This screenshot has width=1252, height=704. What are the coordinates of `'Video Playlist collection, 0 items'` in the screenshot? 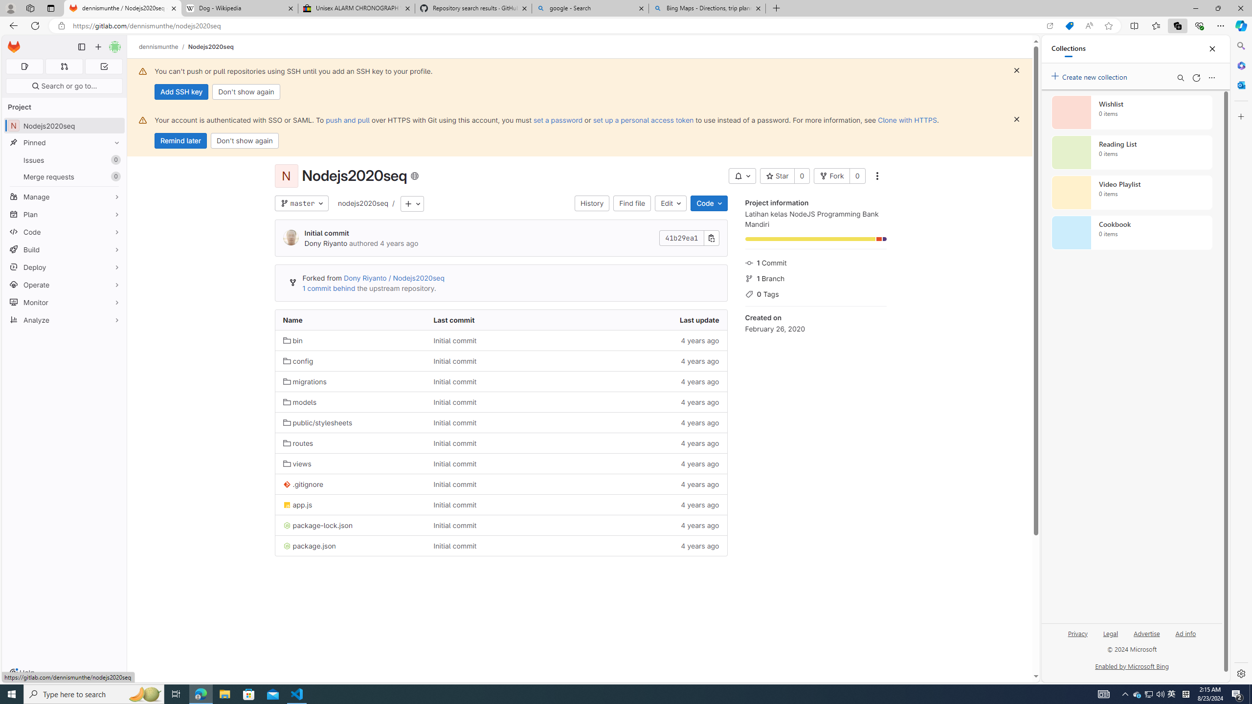 It's located at (1132, 192).